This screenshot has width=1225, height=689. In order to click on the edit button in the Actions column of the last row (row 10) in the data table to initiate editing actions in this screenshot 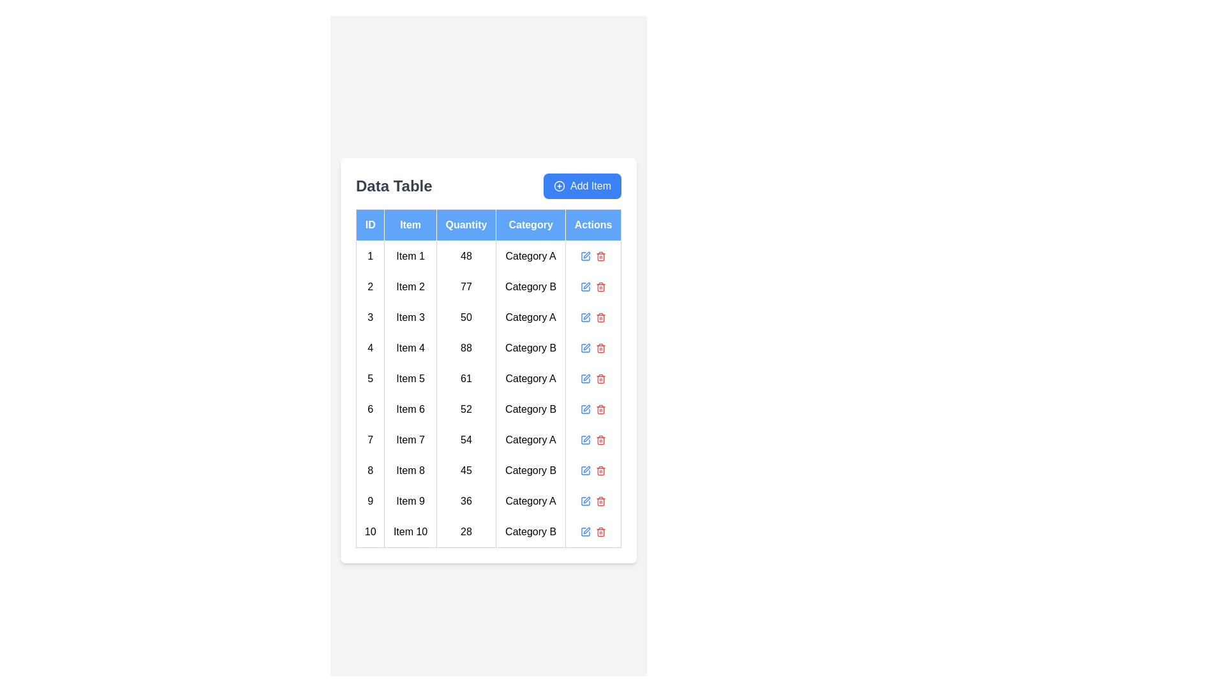, I will do `click(585, 531)`.